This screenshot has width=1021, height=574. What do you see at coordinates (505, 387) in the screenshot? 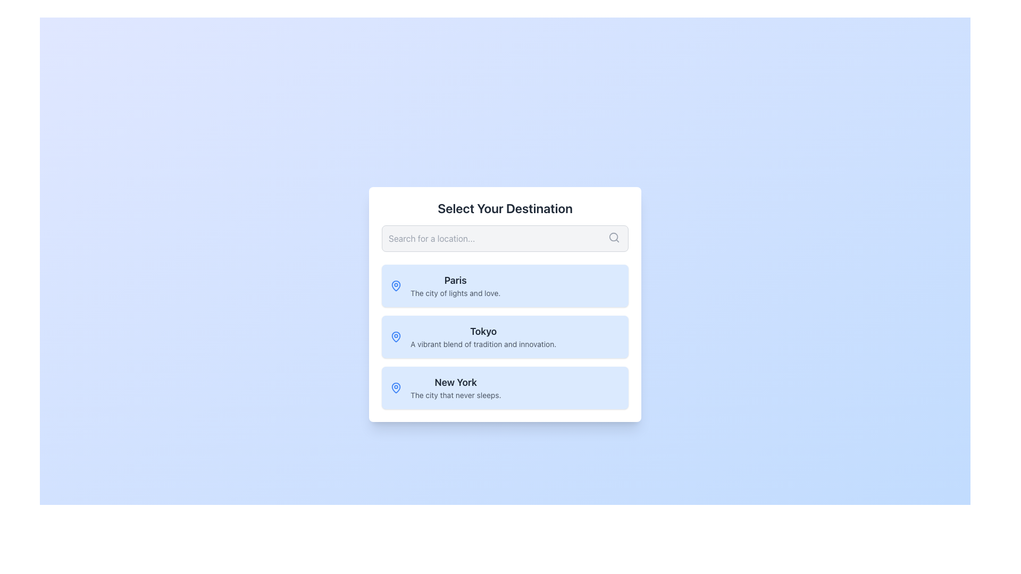
I see `the third item in the selection menu labeled 'New York'` at bounding box center [505, 387].